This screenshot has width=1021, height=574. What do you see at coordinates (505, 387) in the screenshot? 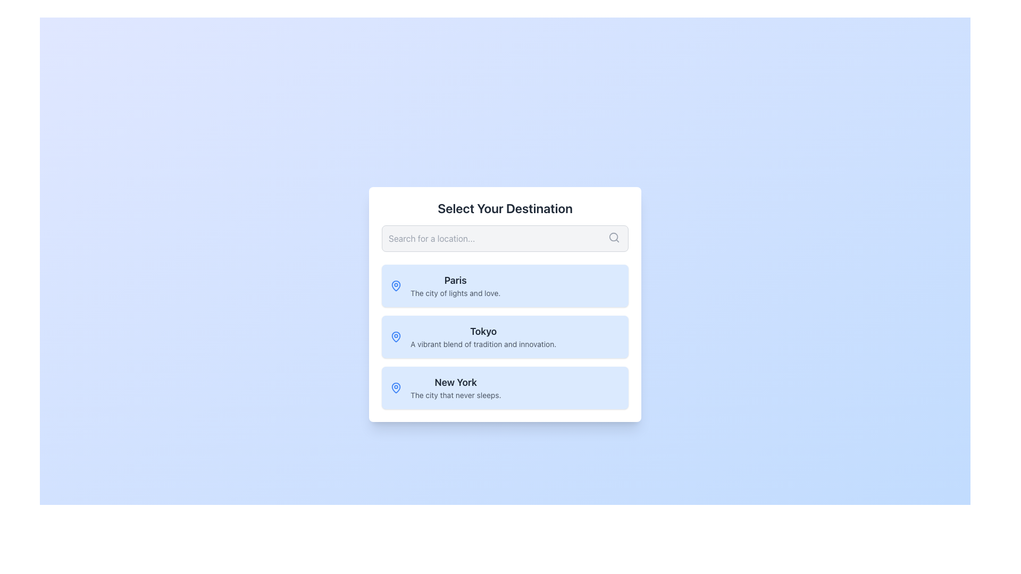
I see `the third item in the selection menu labeled 'New York'` at bounding box center [505, 387].